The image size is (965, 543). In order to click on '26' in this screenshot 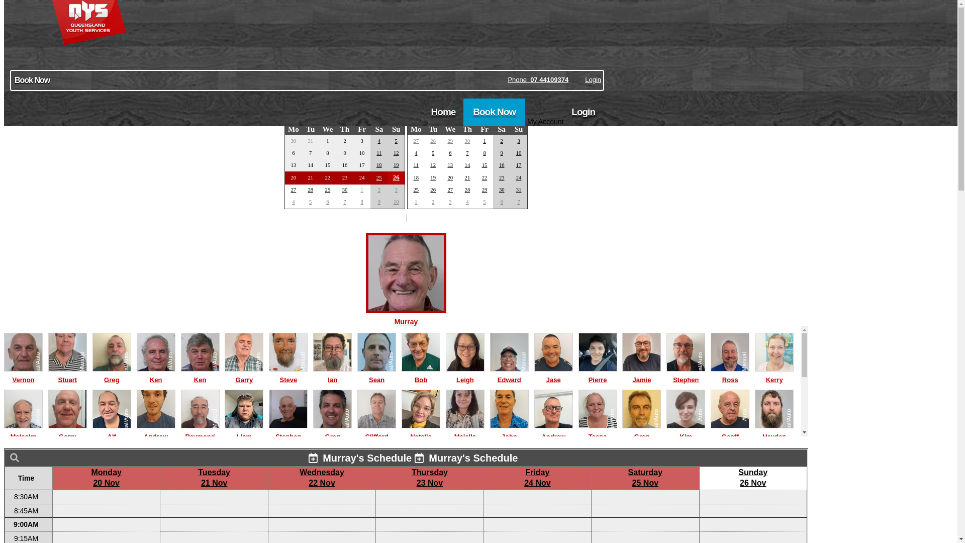, I will do `click(396, 176)`.